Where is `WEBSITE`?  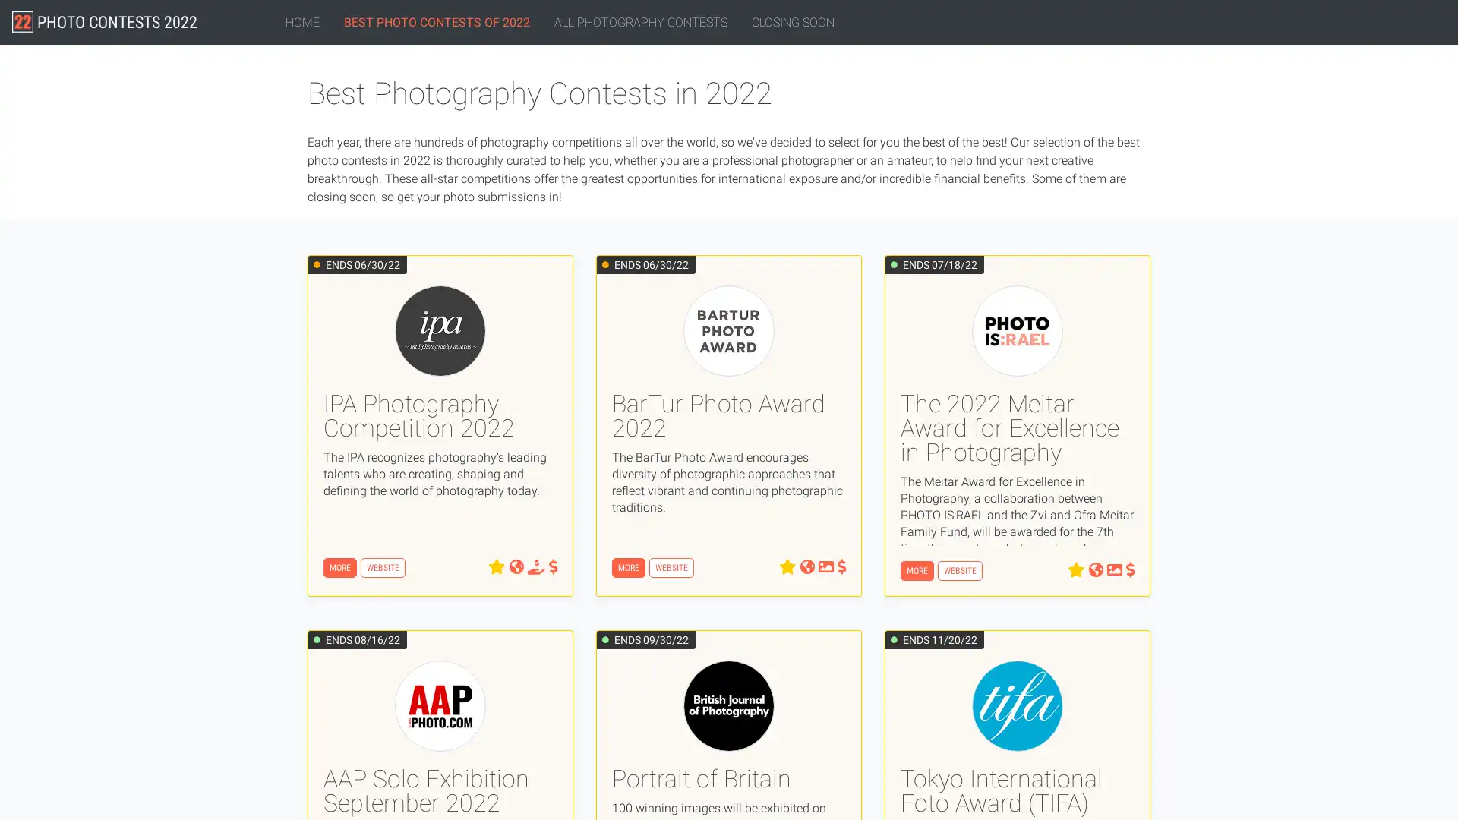 WEBSITE is located at coordinates (383, 568).